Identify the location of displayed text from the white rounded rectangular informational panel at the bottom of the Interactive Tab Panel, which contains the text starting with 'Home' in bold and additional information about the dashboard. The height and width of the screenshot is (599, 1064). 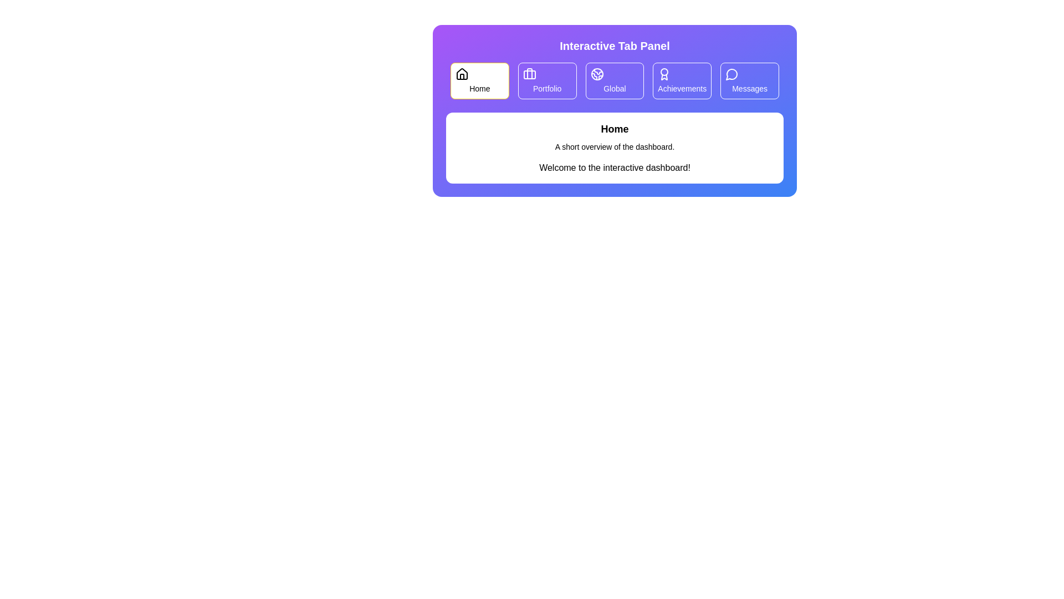
(614, 147).